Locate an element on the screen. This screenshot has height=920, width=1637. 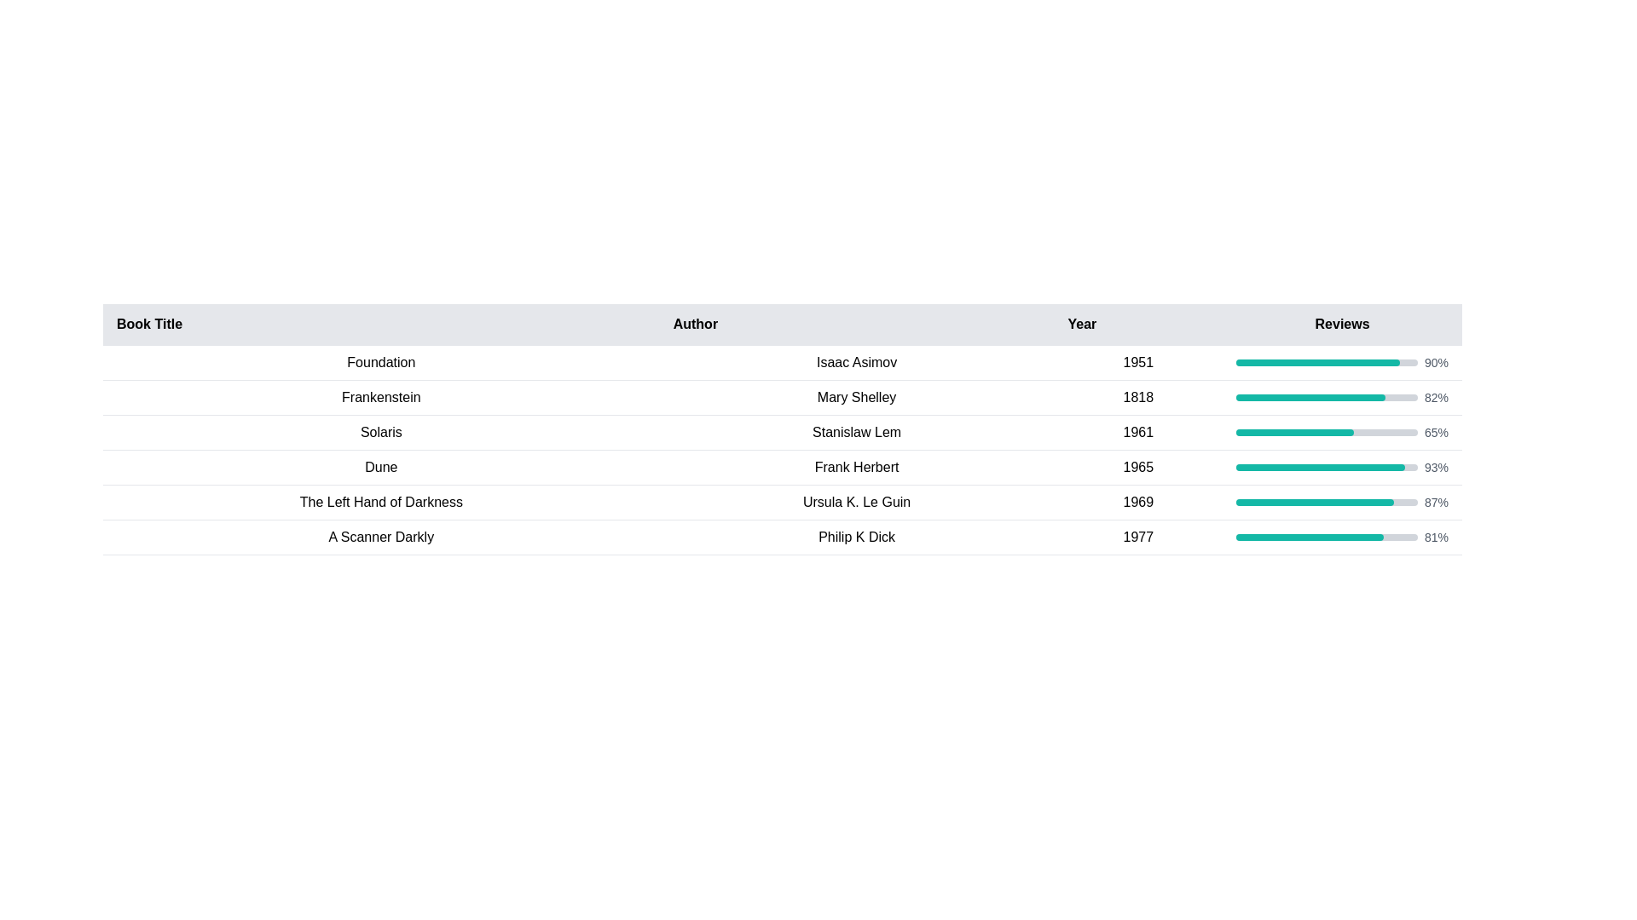
the text label identifying the author 'Frank Herbert' in the table layout for the book 'Dune' is located at coordinates (857, 467).